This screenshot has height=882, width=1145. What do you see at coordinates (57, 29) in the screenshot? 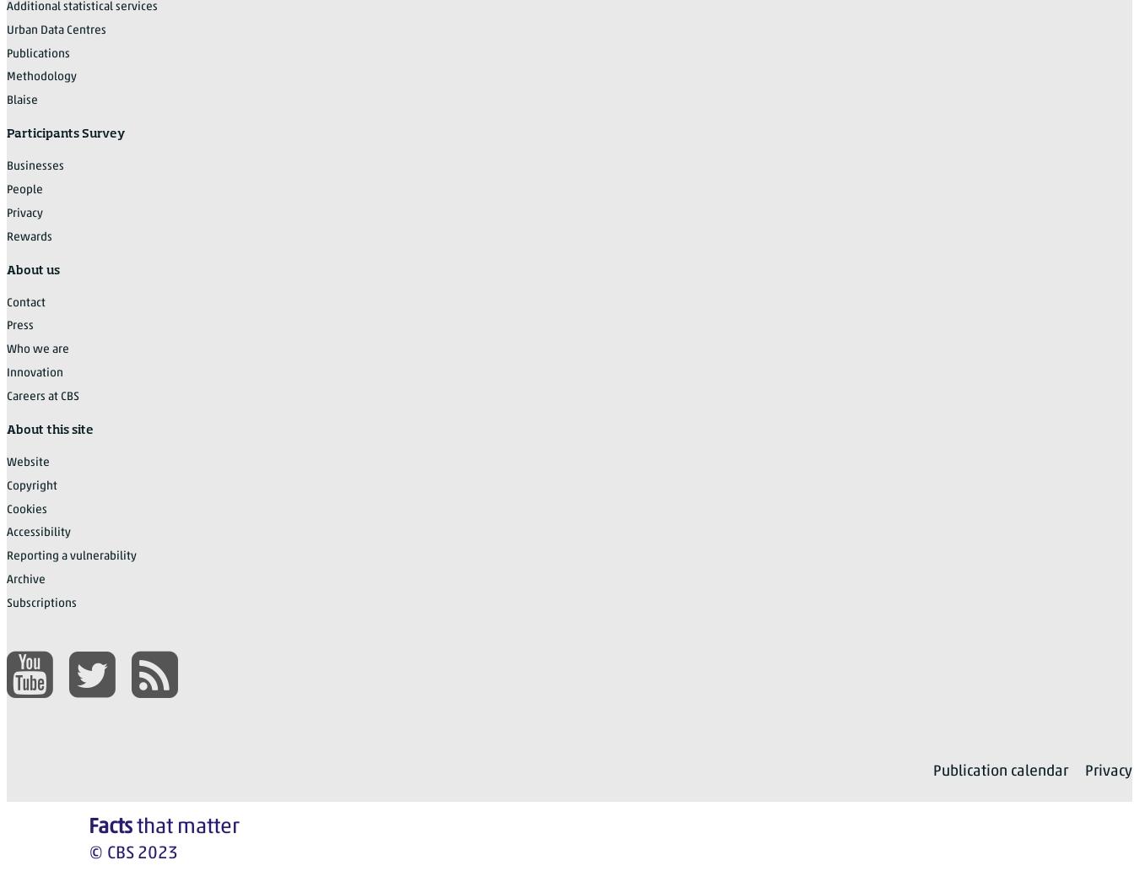
I see `'Urban Data Centres'` at bounding box center [57, 29].